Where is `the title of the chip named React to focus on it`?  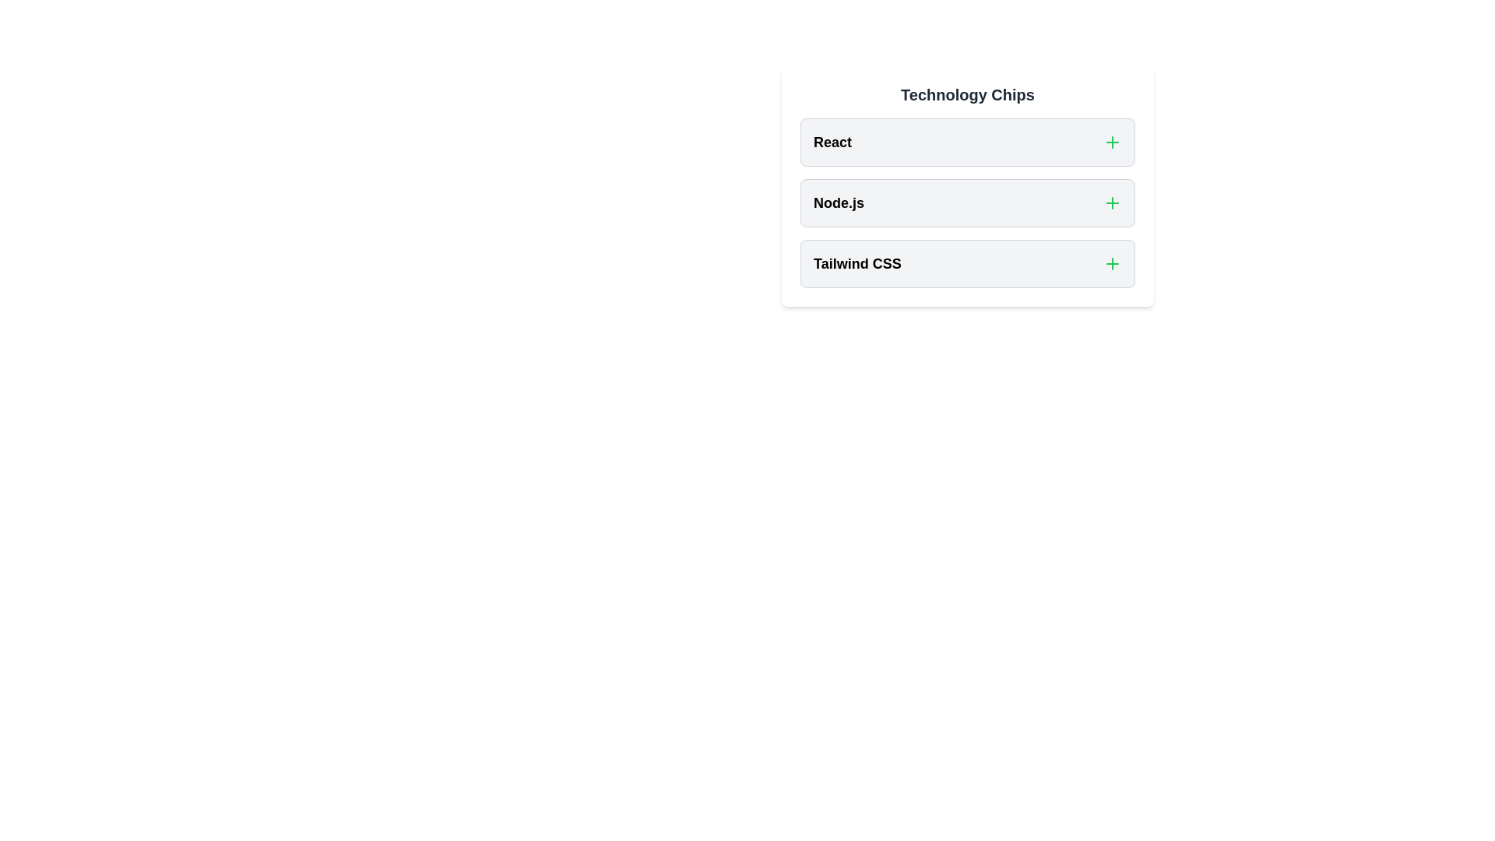
the title of the chip named React to focus on it is located at coordinates (832, 142).